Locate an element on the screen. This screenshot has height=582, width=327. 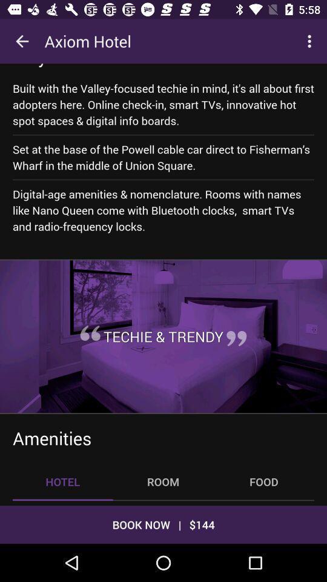
icon to the right of room is located at coordinates (263, 481).